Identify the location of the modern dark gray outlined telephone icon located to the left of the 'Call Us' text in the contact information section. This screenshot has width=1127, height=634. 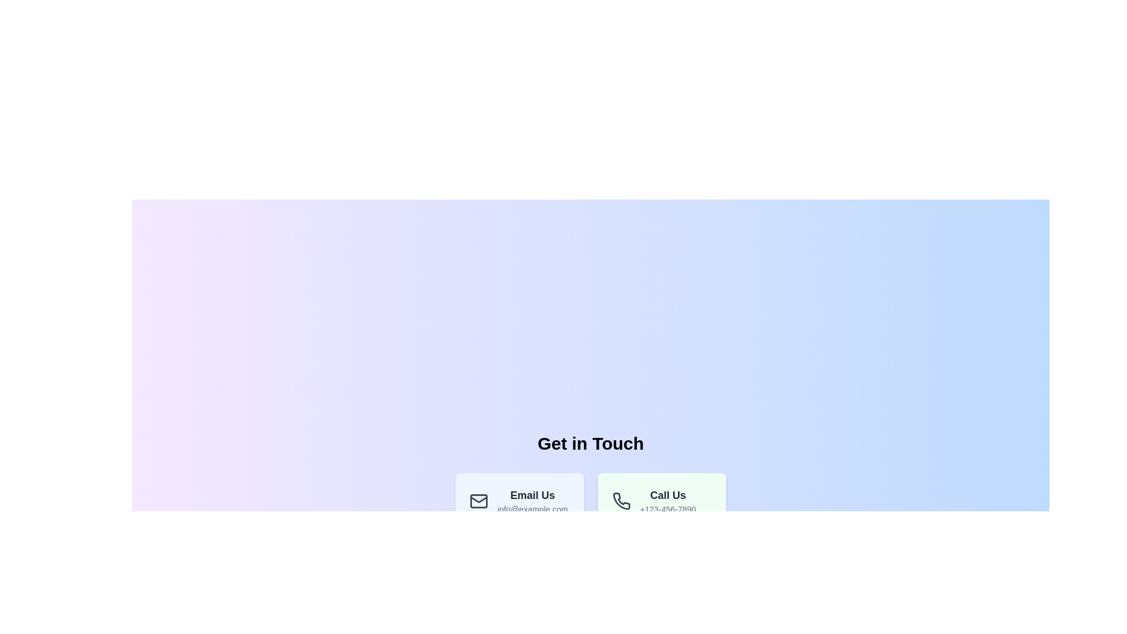
(620, 501).